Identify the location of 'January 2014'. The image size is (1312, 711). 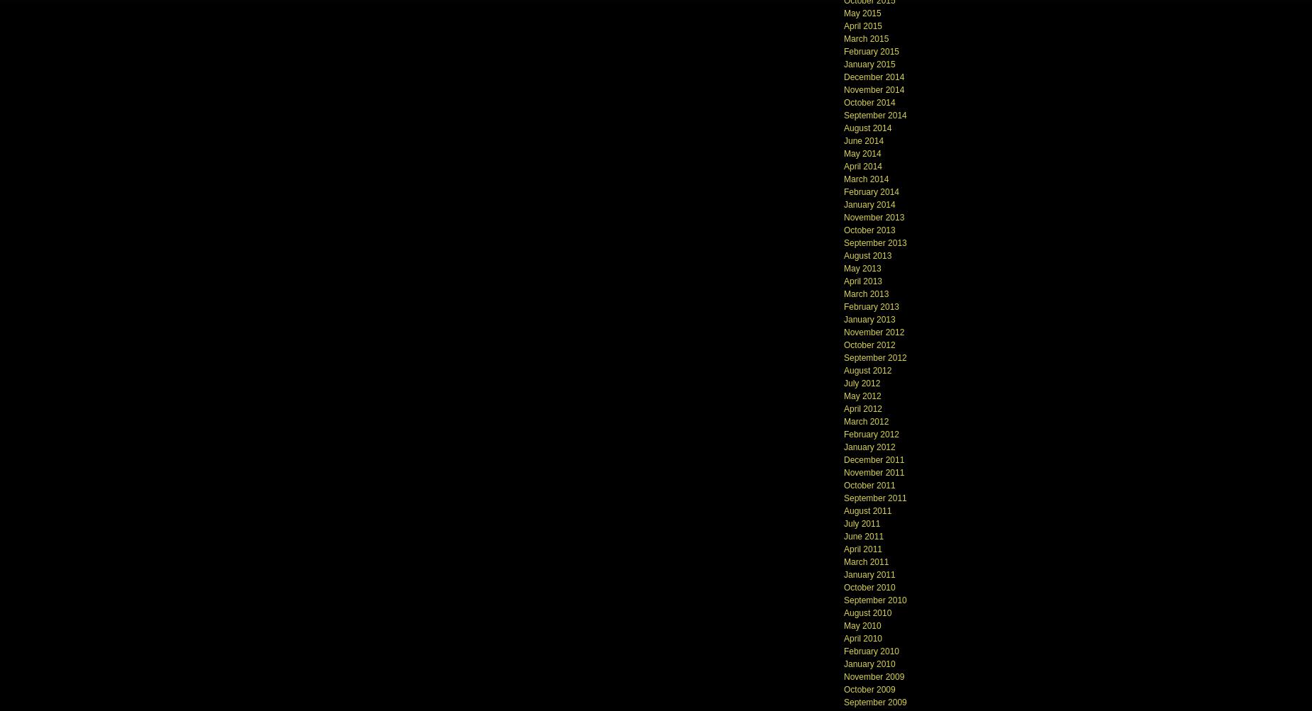
(868, 203).